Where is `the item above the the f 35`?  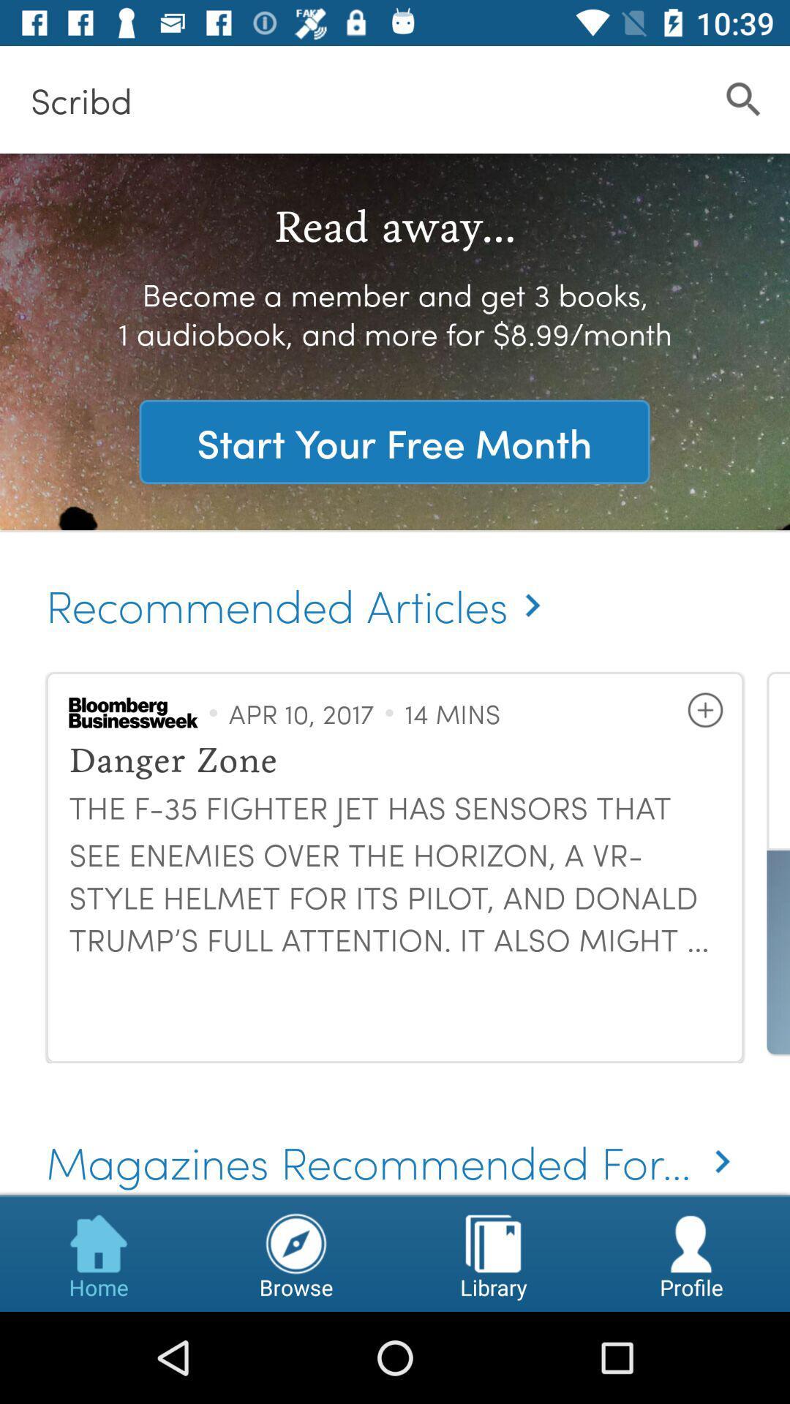
the item above the the f 35 is located at coordinates (704, 710).